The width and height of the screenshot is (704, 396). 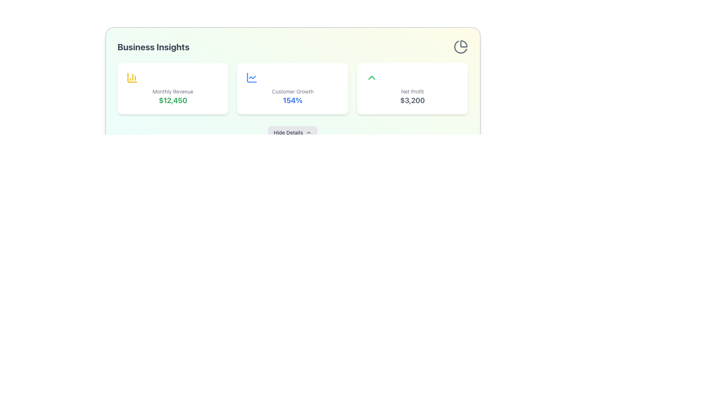 What do you see at coordinates (252, 78) in the screenshot?
I see `the vibrant blue line chart icon located in the 'Business Insights' section above the 'Customer Growth' label` at bounding box center [252, 78].